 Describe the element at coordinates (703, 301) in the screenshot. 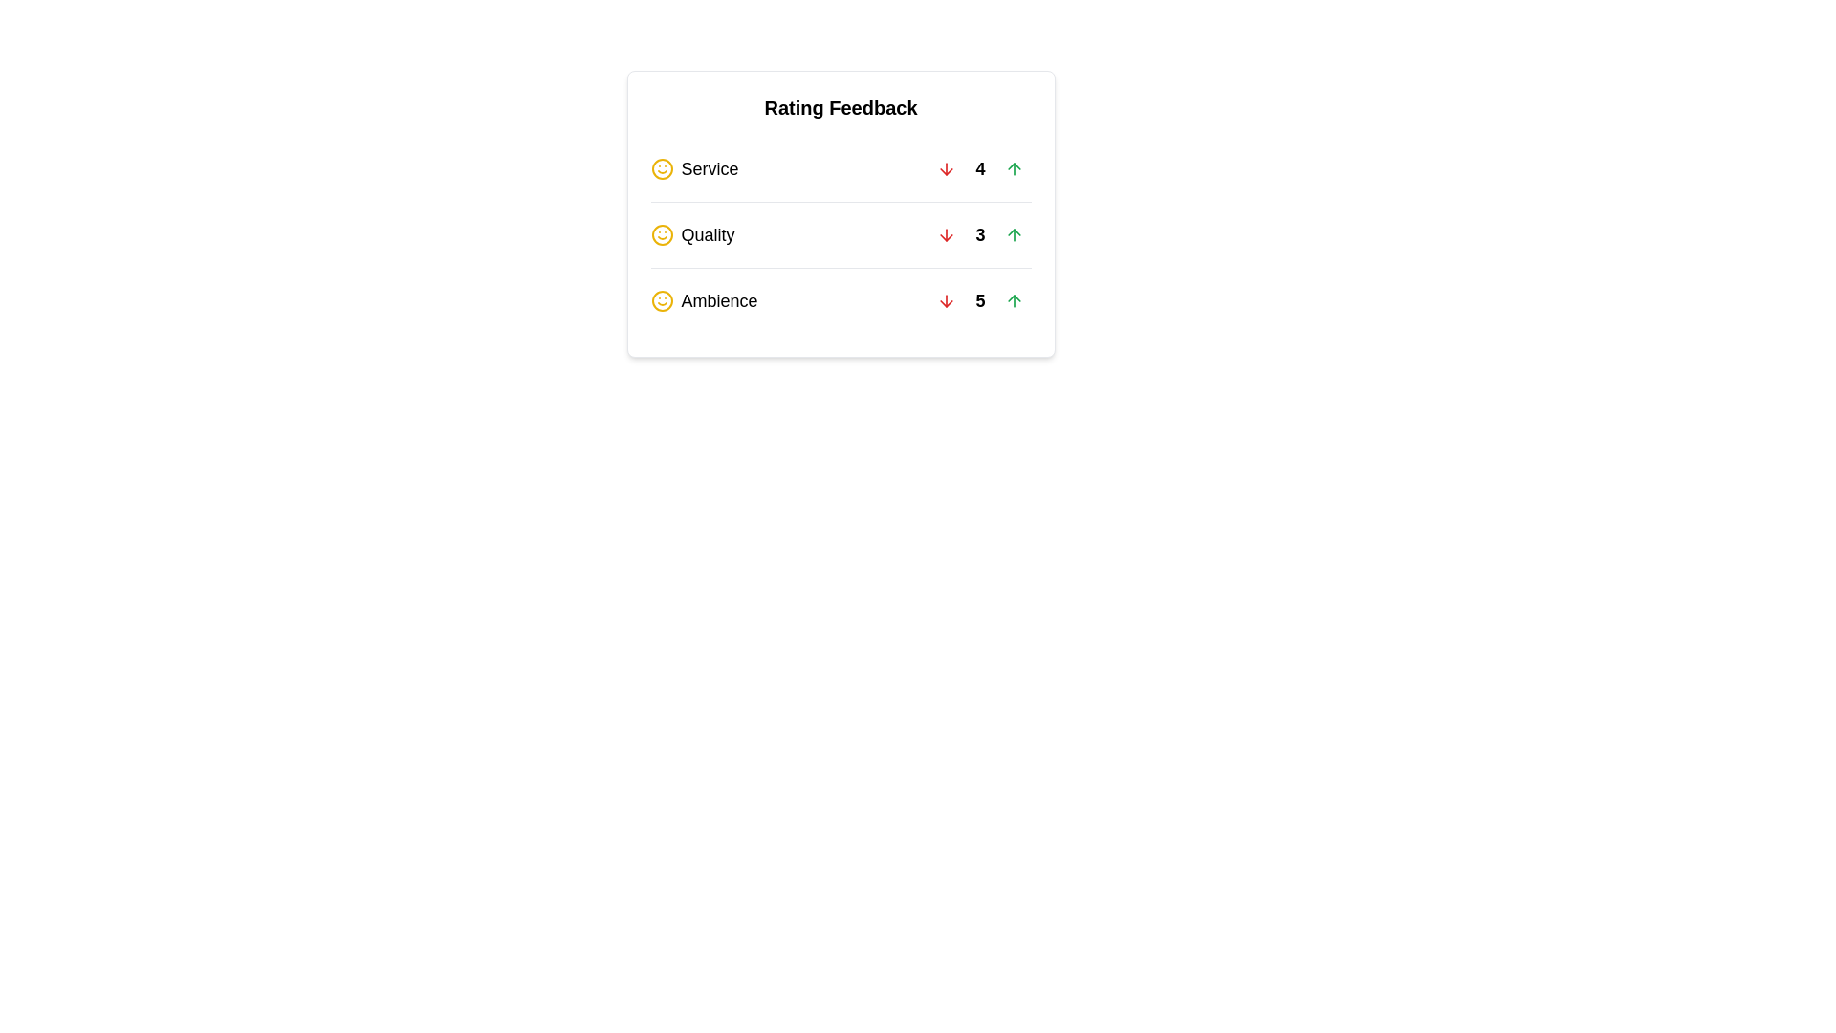

I see `the label displaying a yellow smiley face icon and the text 'Ambience', which is the last item in a vertical list of rating options aligned to the left` at that location.